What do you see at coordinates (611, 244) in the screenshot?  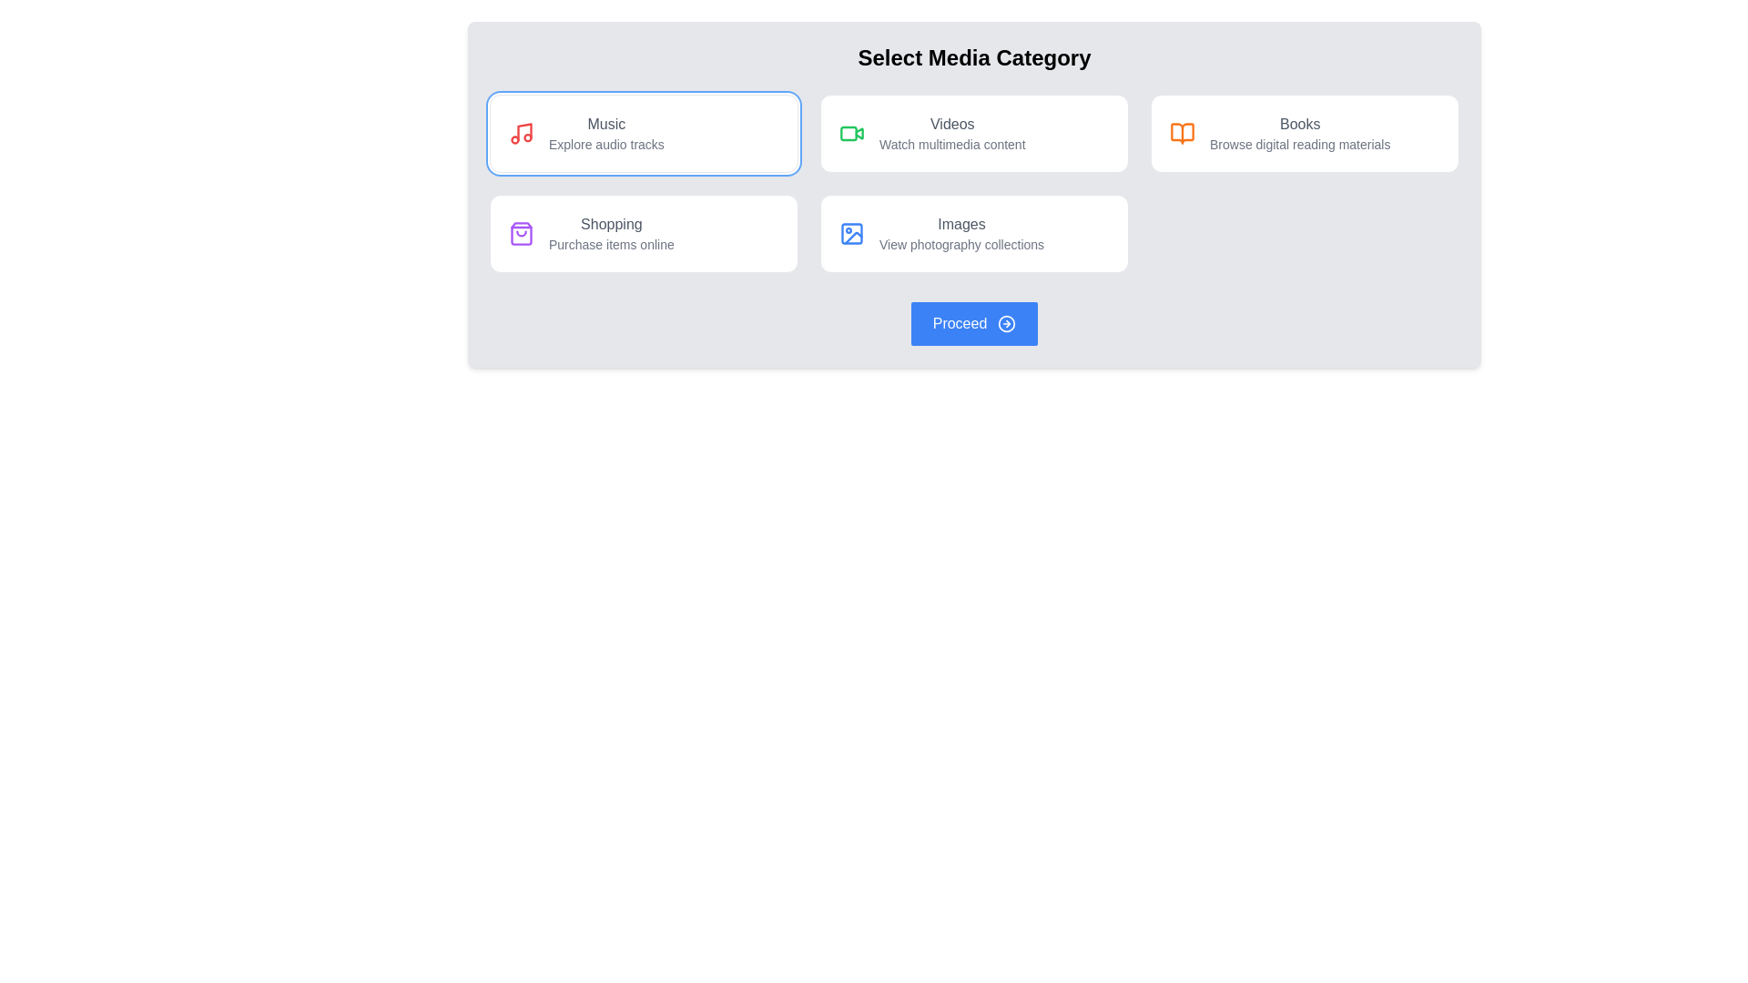 I see `the Text label that provides a descriptive subtitle for the 'Shopping' category, located directly below the heading 'Shopping' within a white card` at bounding box center [611, 244].